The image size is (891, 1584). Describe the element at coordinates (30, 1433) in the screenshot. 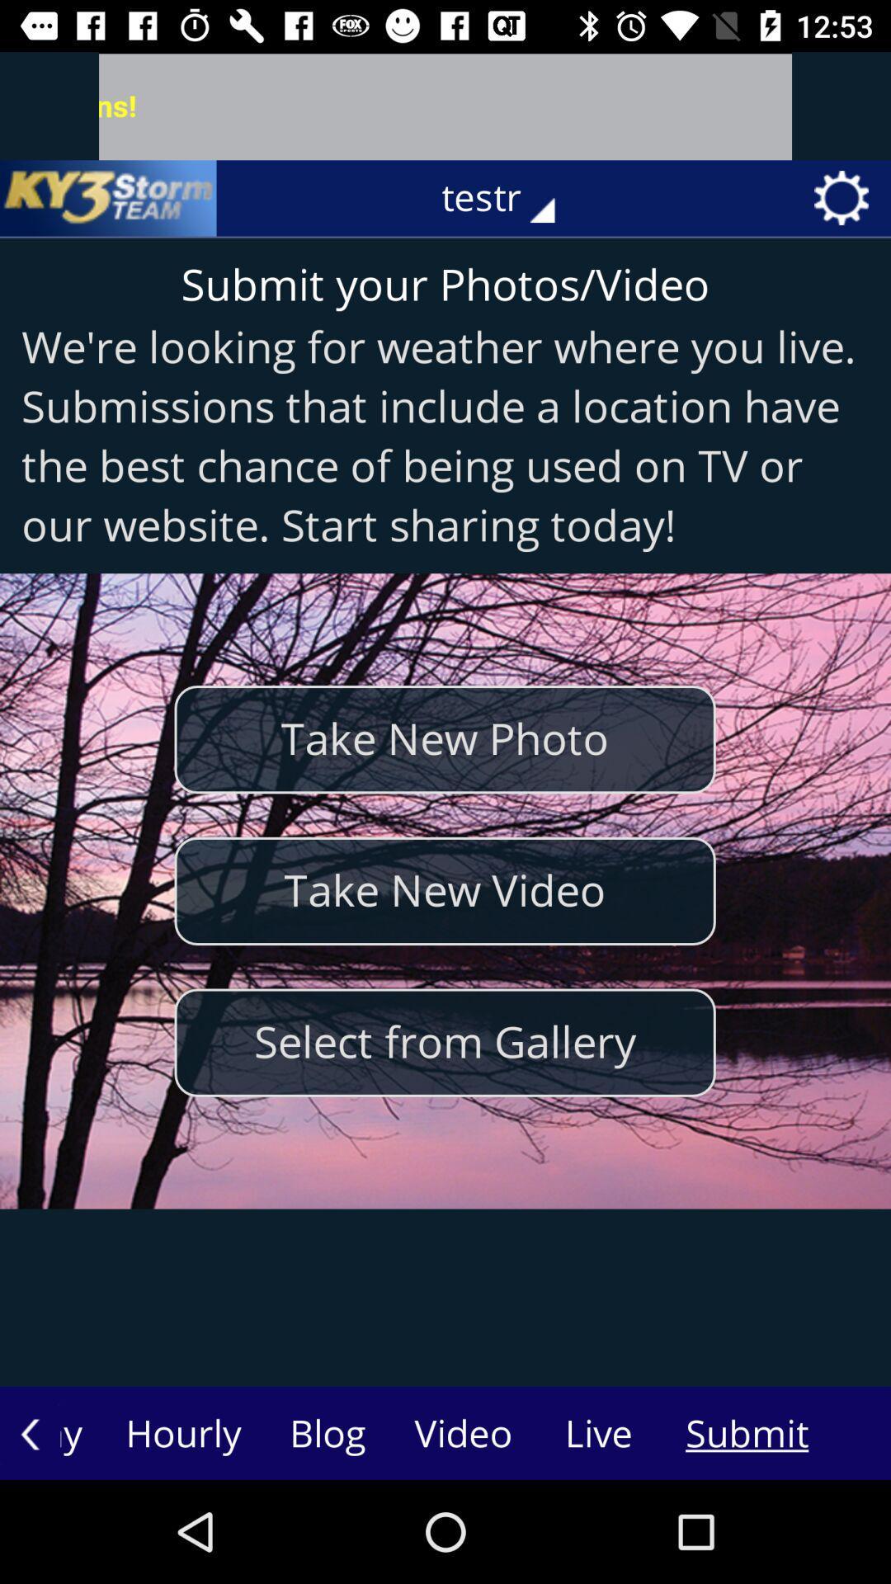

I see `the arrow_backward icon` at that location.